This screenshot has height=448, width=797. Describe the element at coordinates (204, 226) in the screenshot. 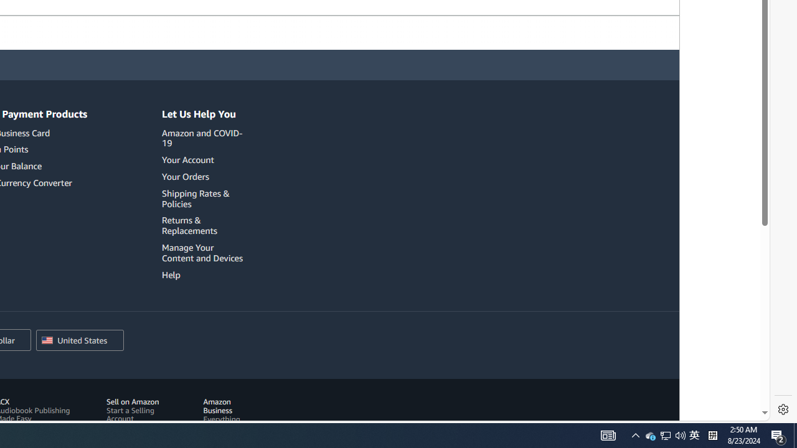

I see `'Returns & Replacements'` at that location.